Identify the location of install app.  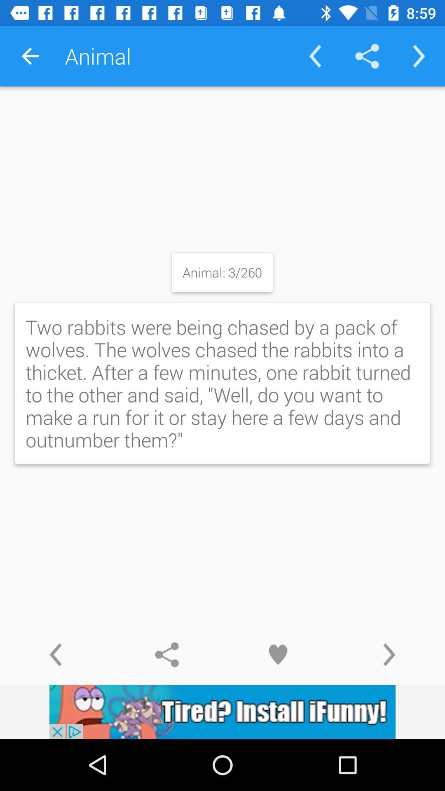
(222, 711).